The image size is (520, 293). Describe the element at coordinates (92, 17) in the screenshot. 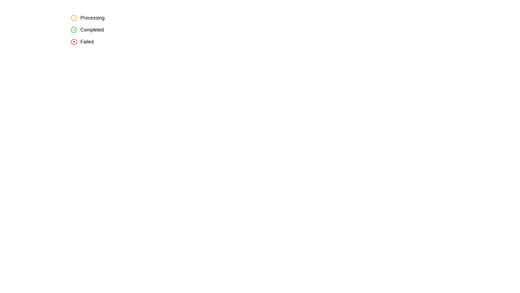

I see `the status label indicating 'Processing', which is positioned to the right of the alert icon in the upper left quadrant of the interface` at that location.